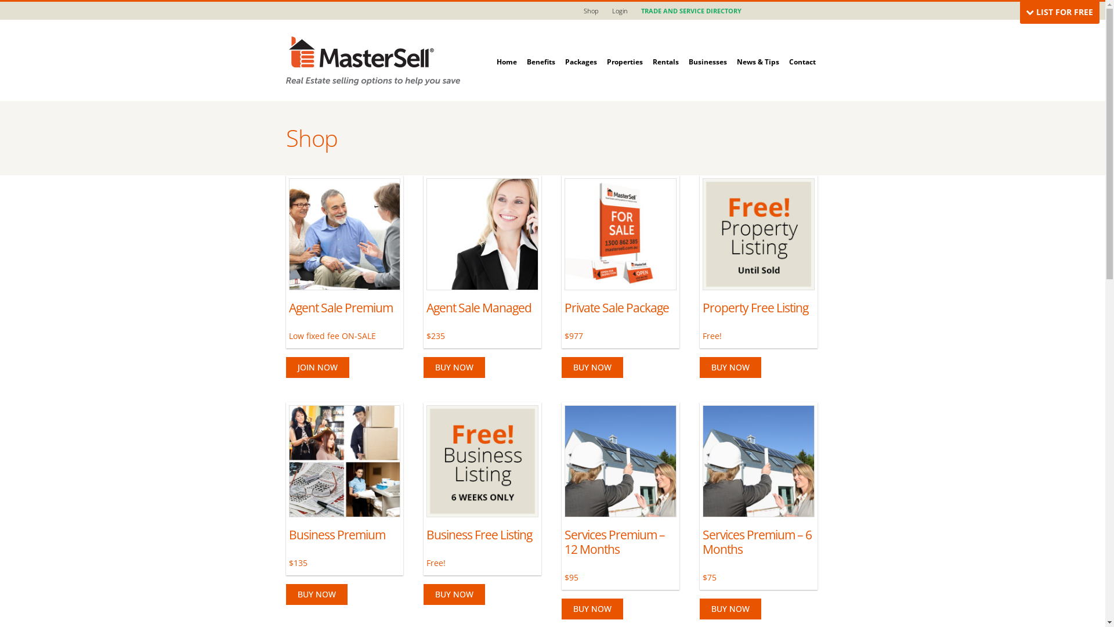  Describe the element at coordinates (289, 487) in the screenshot. I see `'Business Premium` at that location.